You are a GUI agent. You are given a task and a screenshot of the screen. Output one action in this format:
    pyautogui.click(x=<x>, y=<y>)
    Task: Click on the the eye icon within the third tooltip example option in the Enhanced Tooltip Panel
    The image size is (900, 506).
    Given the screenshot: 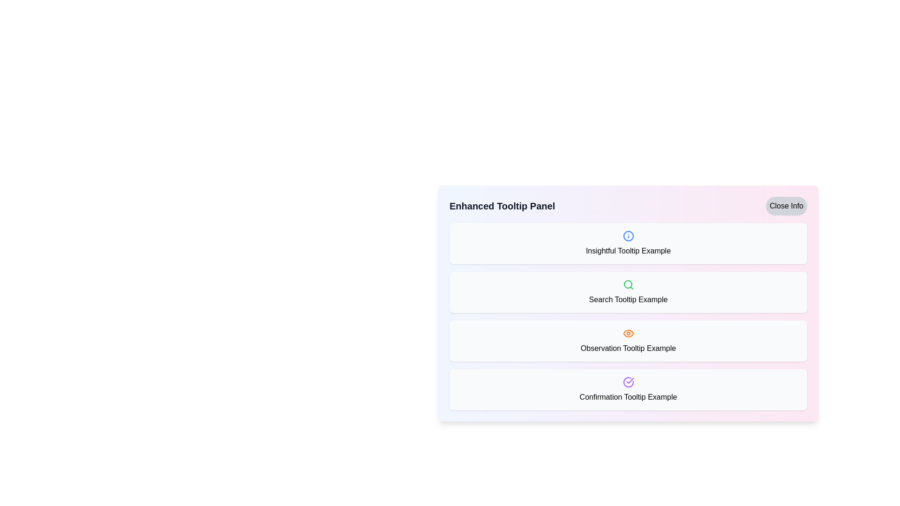 What is the action you would take?
    pyautogui.click(x=628, y=333)
    